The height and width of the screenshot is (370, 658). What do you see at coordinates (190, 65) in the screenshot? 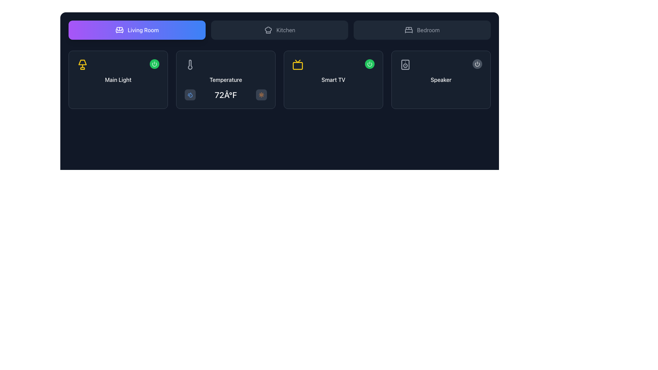
I see `the temperature icon located at the top-left section of the 'Temperature' card, which visually represents temperature-related information` at bounding box center [190, 65].